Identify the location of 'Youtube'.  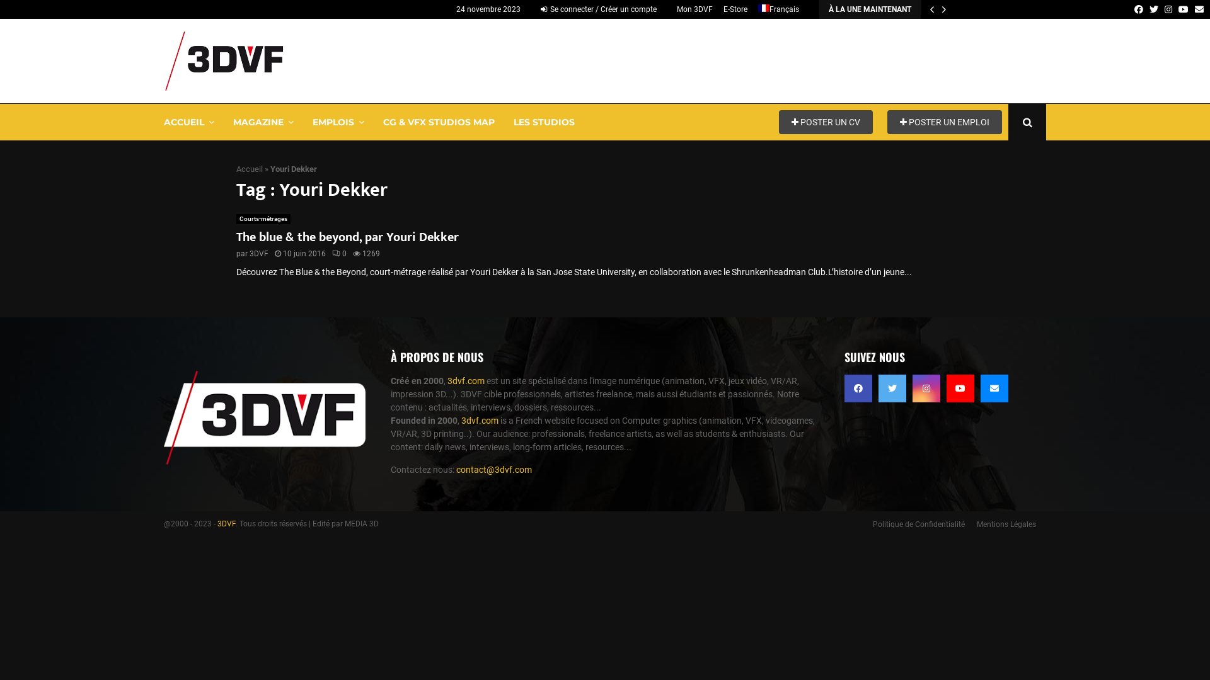
(1182, 9).